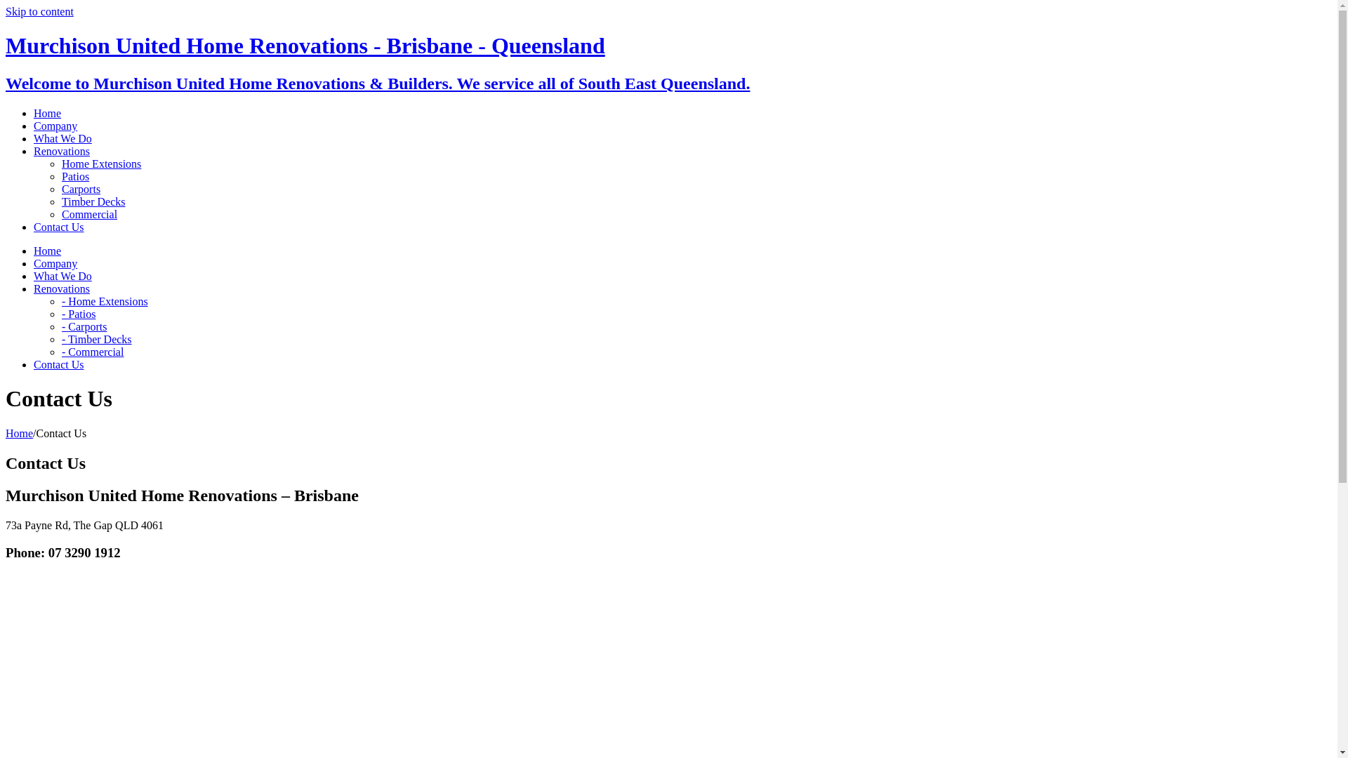  I want to click on 'What We Do', so click(62, 138).